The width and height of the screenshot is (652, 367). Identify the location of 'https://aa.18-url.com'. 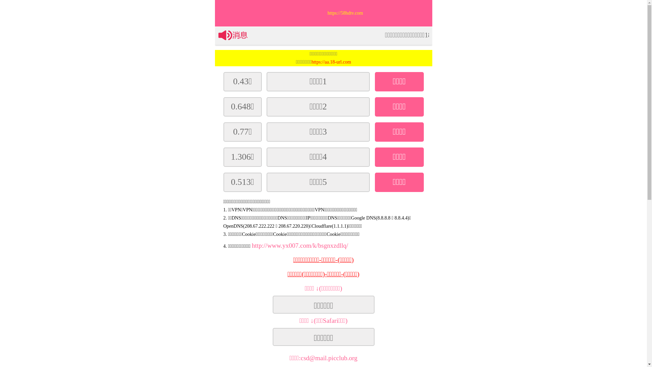
(331, 62).